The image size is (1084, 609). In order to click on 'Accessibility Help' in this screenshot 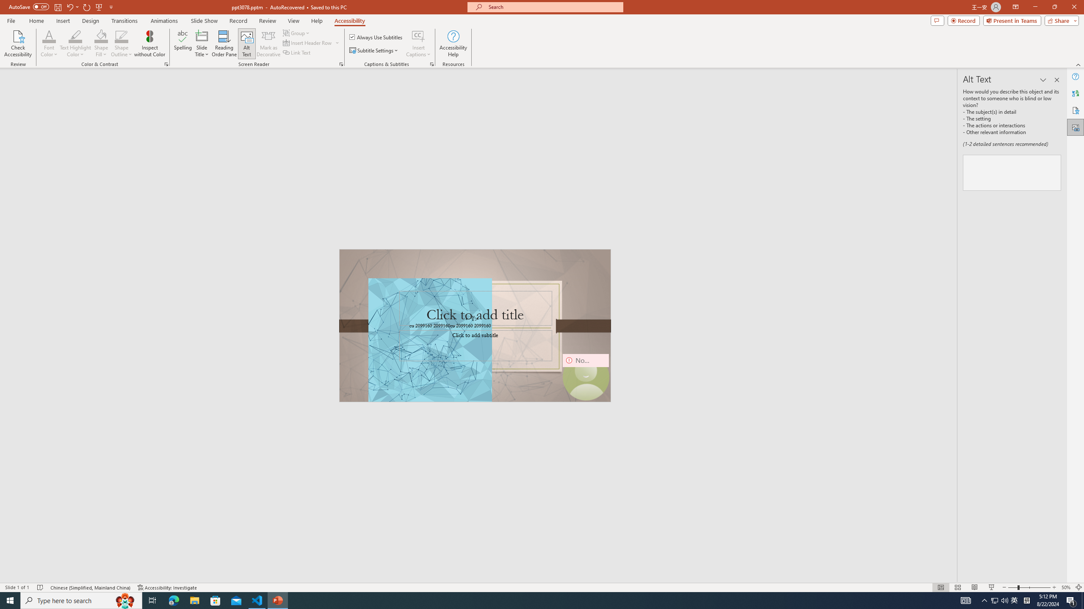, I will do `click(454, 44)`.